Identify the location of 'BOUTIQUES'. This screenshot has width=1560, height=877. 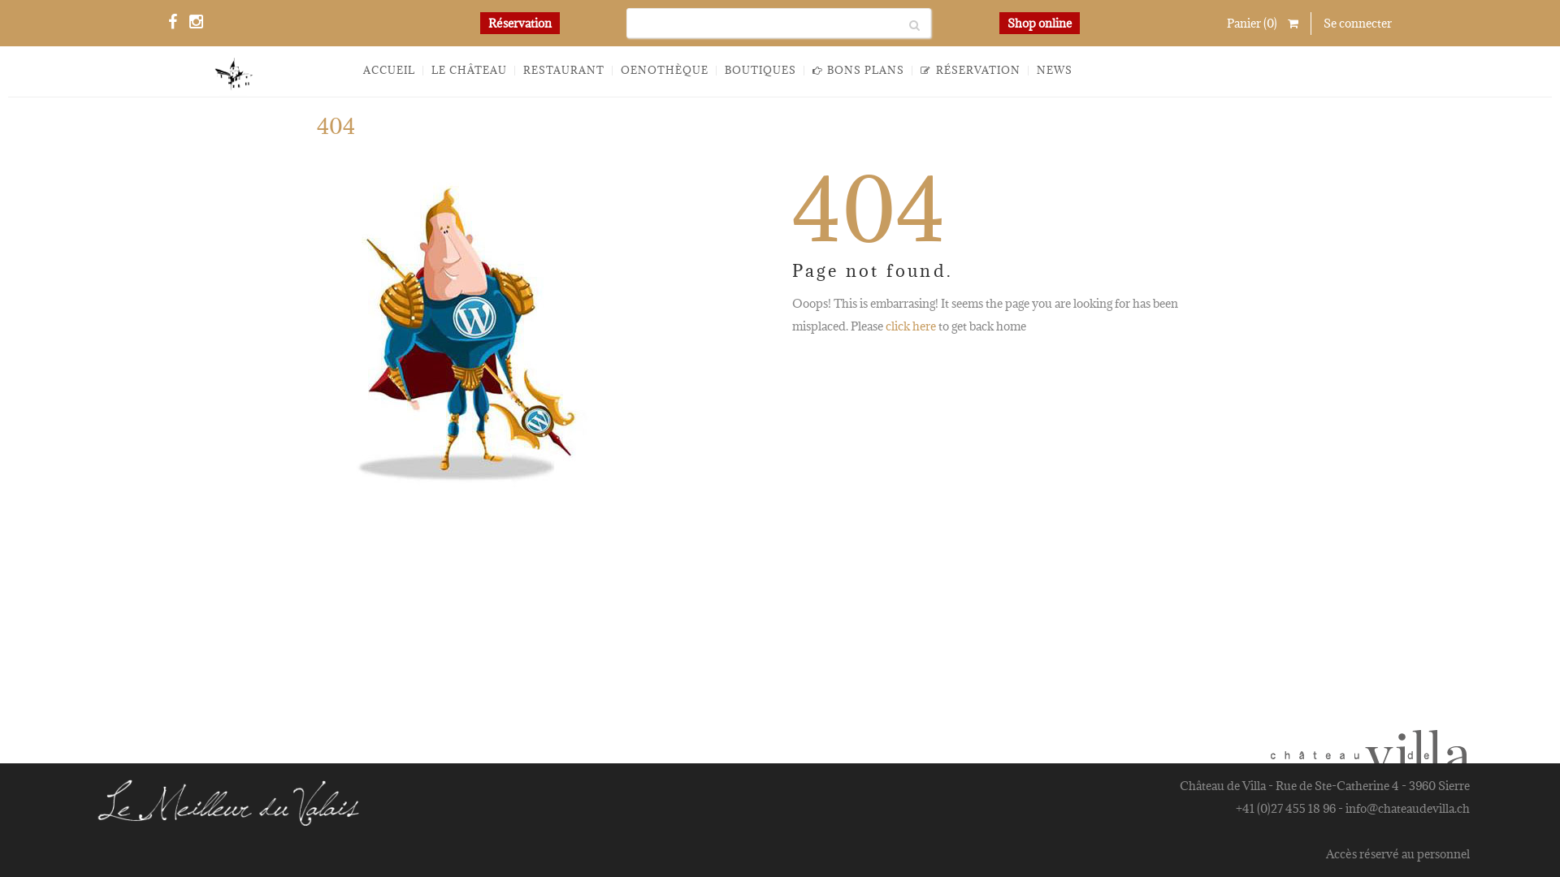
(760, 70).